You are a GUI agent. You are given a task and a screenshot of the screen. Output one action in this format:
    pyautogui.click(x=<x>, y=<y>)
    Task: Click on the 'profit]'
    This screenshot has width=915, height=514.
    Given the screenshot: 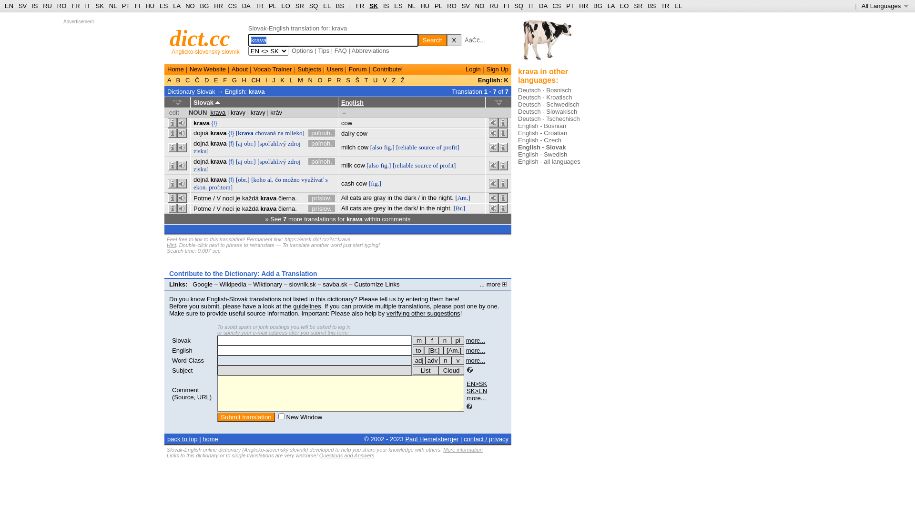 What is the action you would take?
    pyautogui.click(x=447, y=165)
    